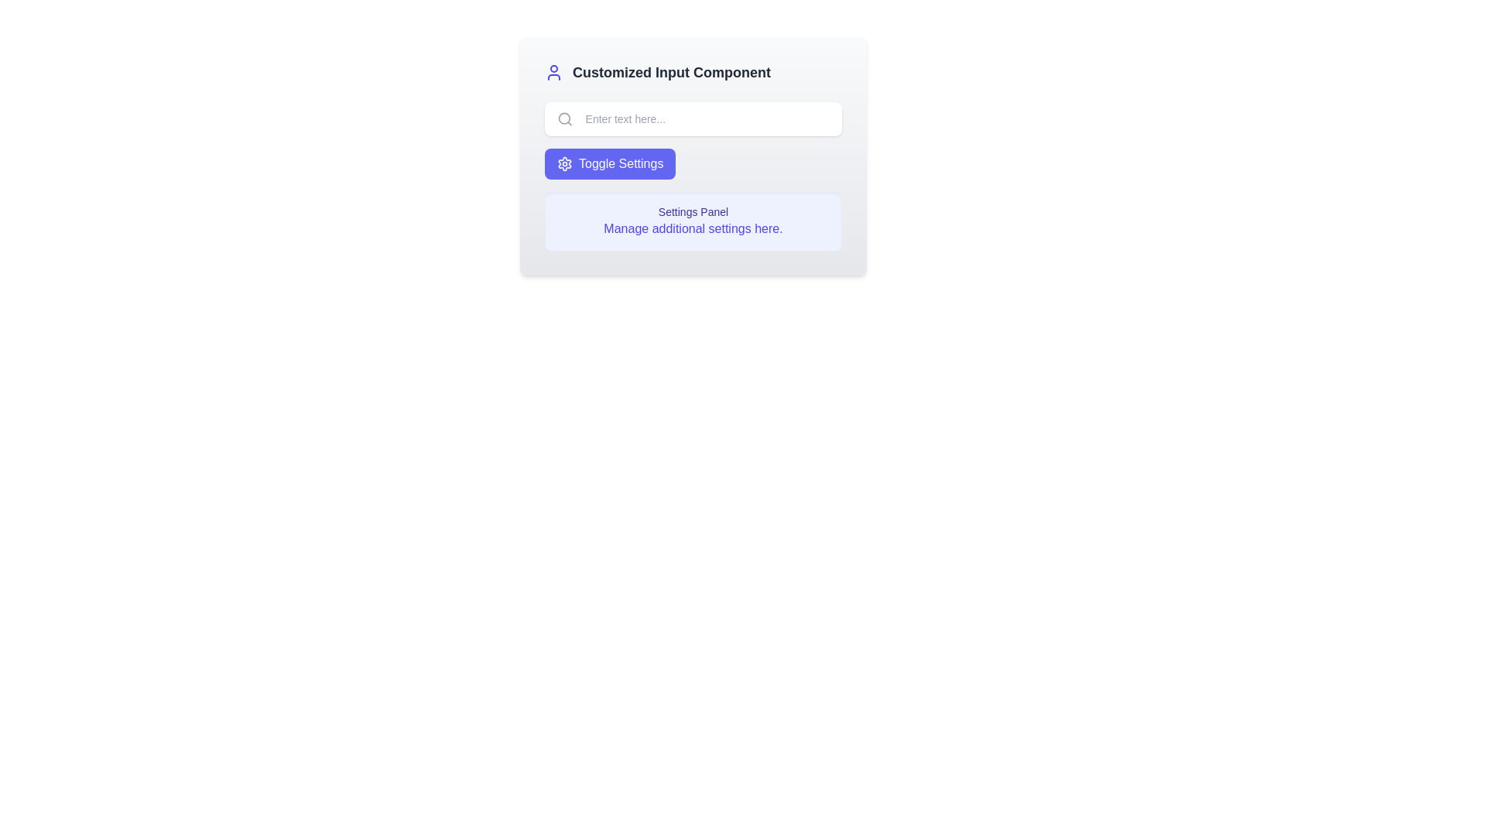 The height and width of the screenshot is (836, 1486). I want to click on the 'Toggle Settings' button, which has rounded corners, an indigo background, a gear icon on the left, and white text, so click(609, 164).